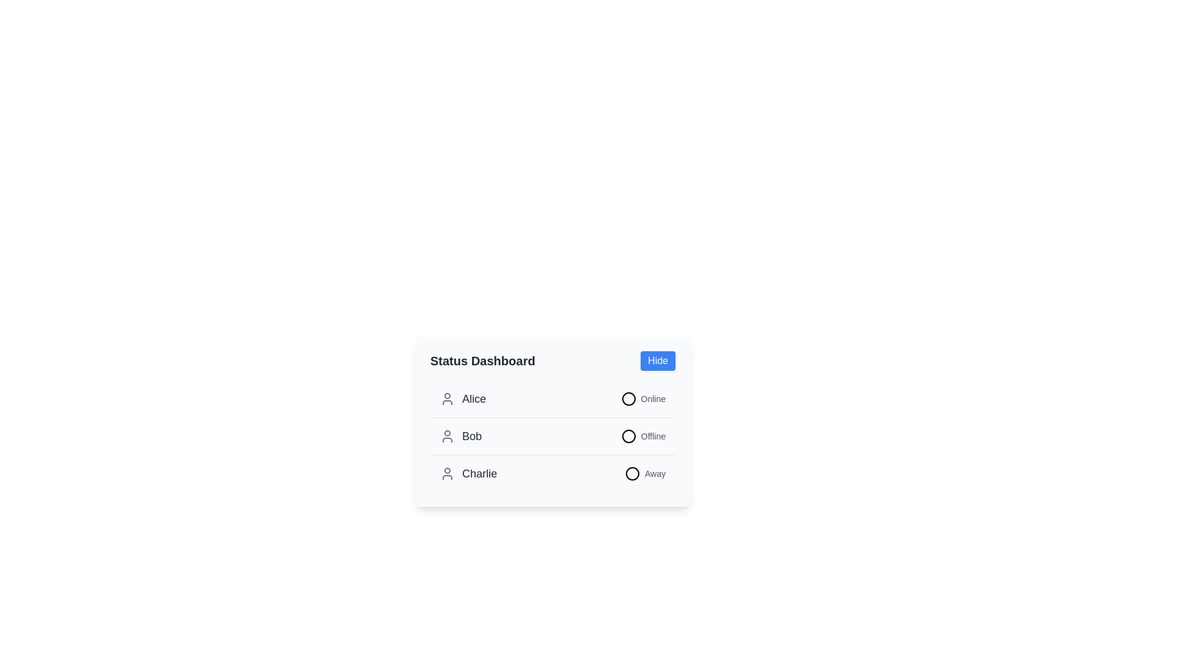 The height and width of the screenshot is (662, 1177). I want to click on the third circular status indicator representing the 'Away' status for user Charlie, located to the right of the 'Charlie' label, so click(633, 473).